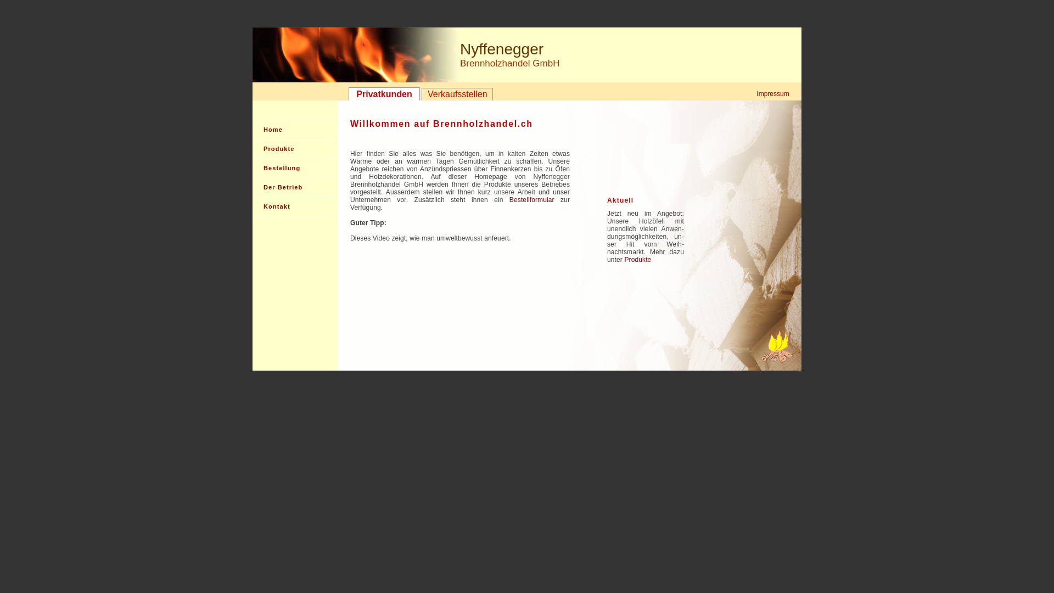  Describe the element at coordinates (347, 93) in the screenshot. I see `'Privatkunden'` at that location.